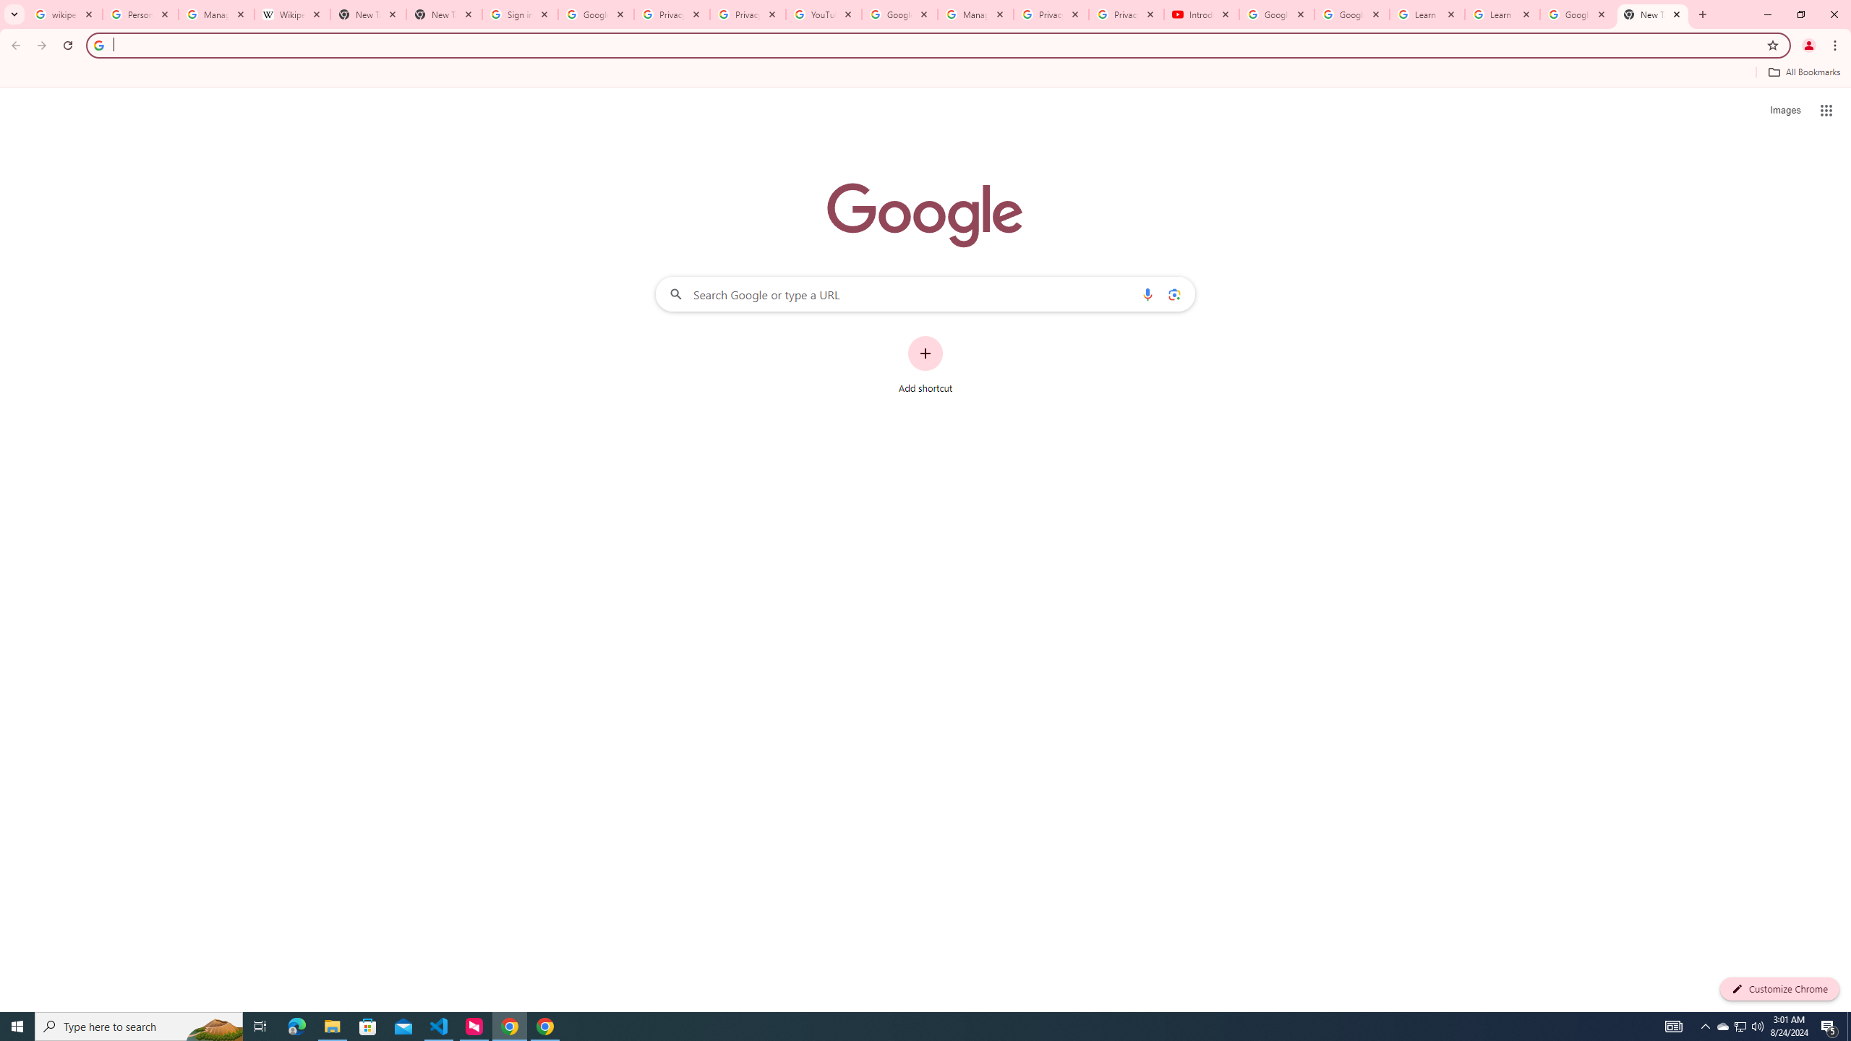 The height and width of the screenshot is (1041, 1851). I want to click on 'Introduction | Google Privacy Policy - YouTube', so click(1200, 14).